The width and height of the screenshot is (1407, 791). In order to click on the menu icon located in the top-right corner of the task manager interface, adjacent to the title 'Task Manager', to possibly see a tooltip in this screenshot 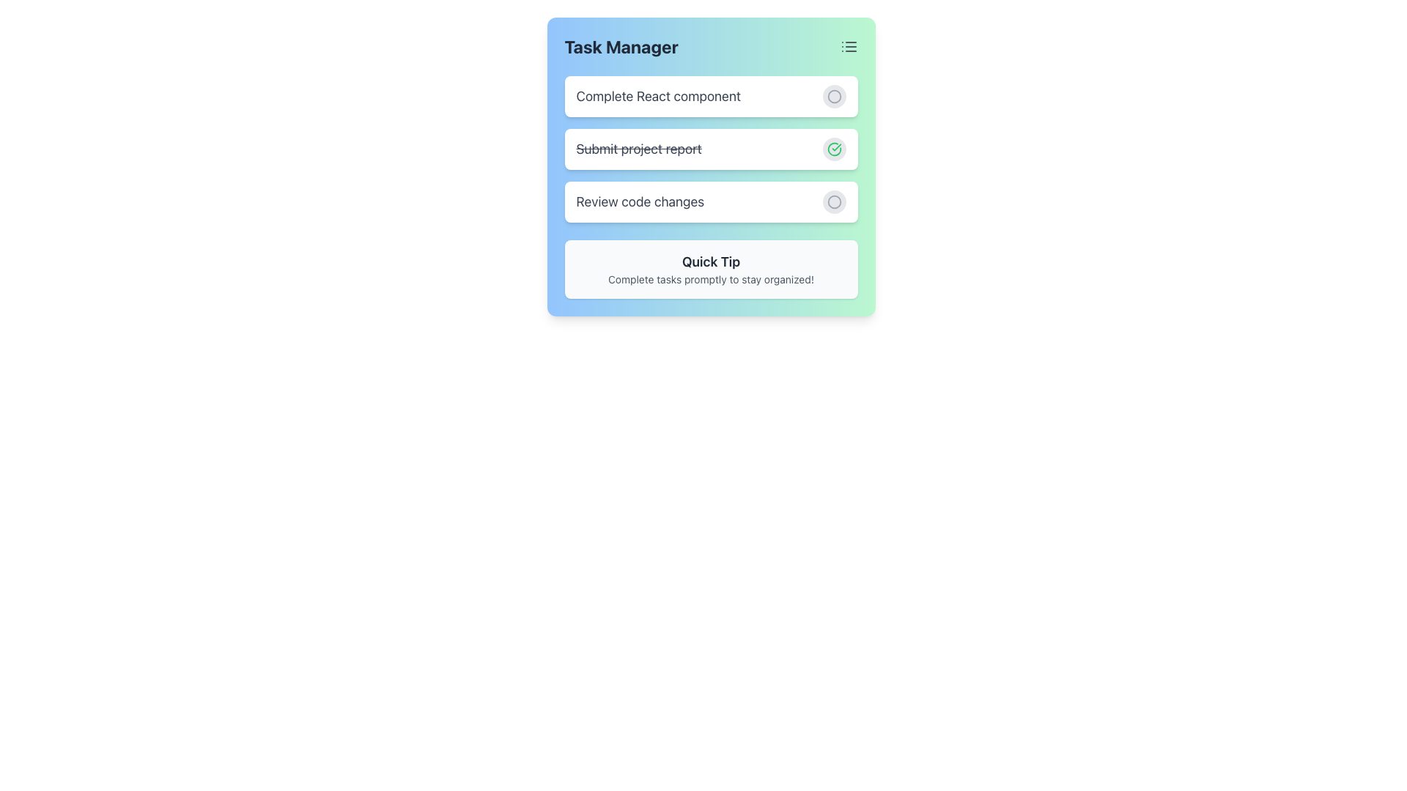, I will do `click(849, 46)`.